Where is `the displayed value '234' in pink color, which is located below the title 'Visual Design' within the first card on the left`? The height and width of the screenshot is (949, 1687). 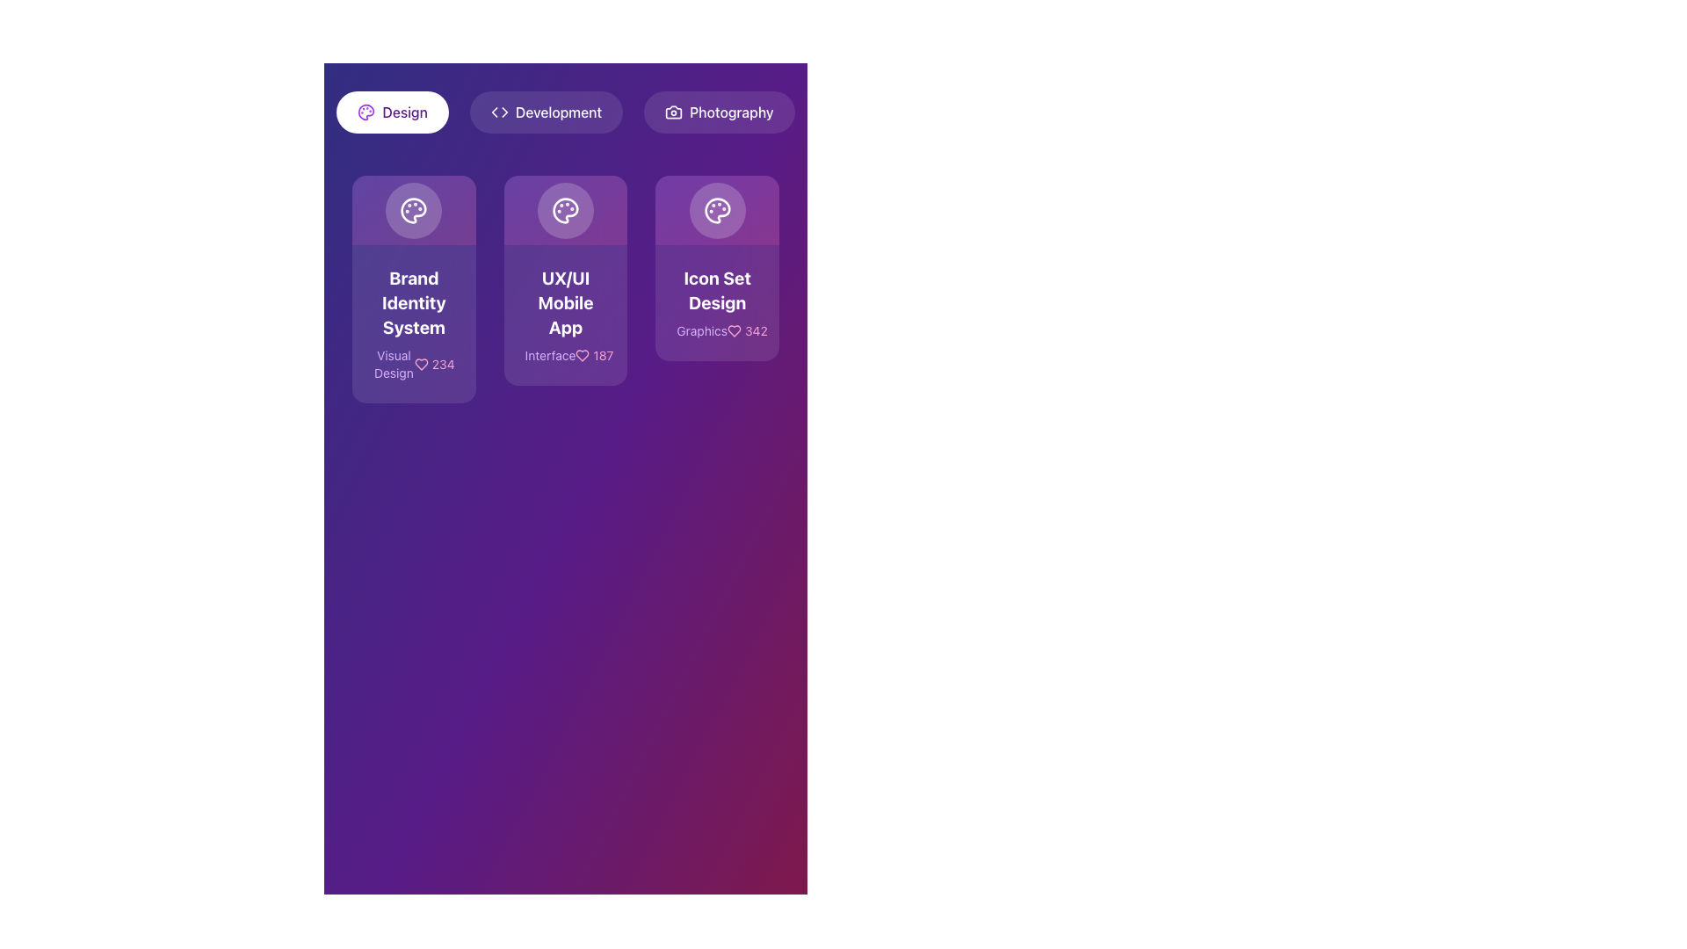 the displayed value '234' in pink color, which is located below the title 'Visual Design' within the first card on the left is located at coordinates (434, 364).